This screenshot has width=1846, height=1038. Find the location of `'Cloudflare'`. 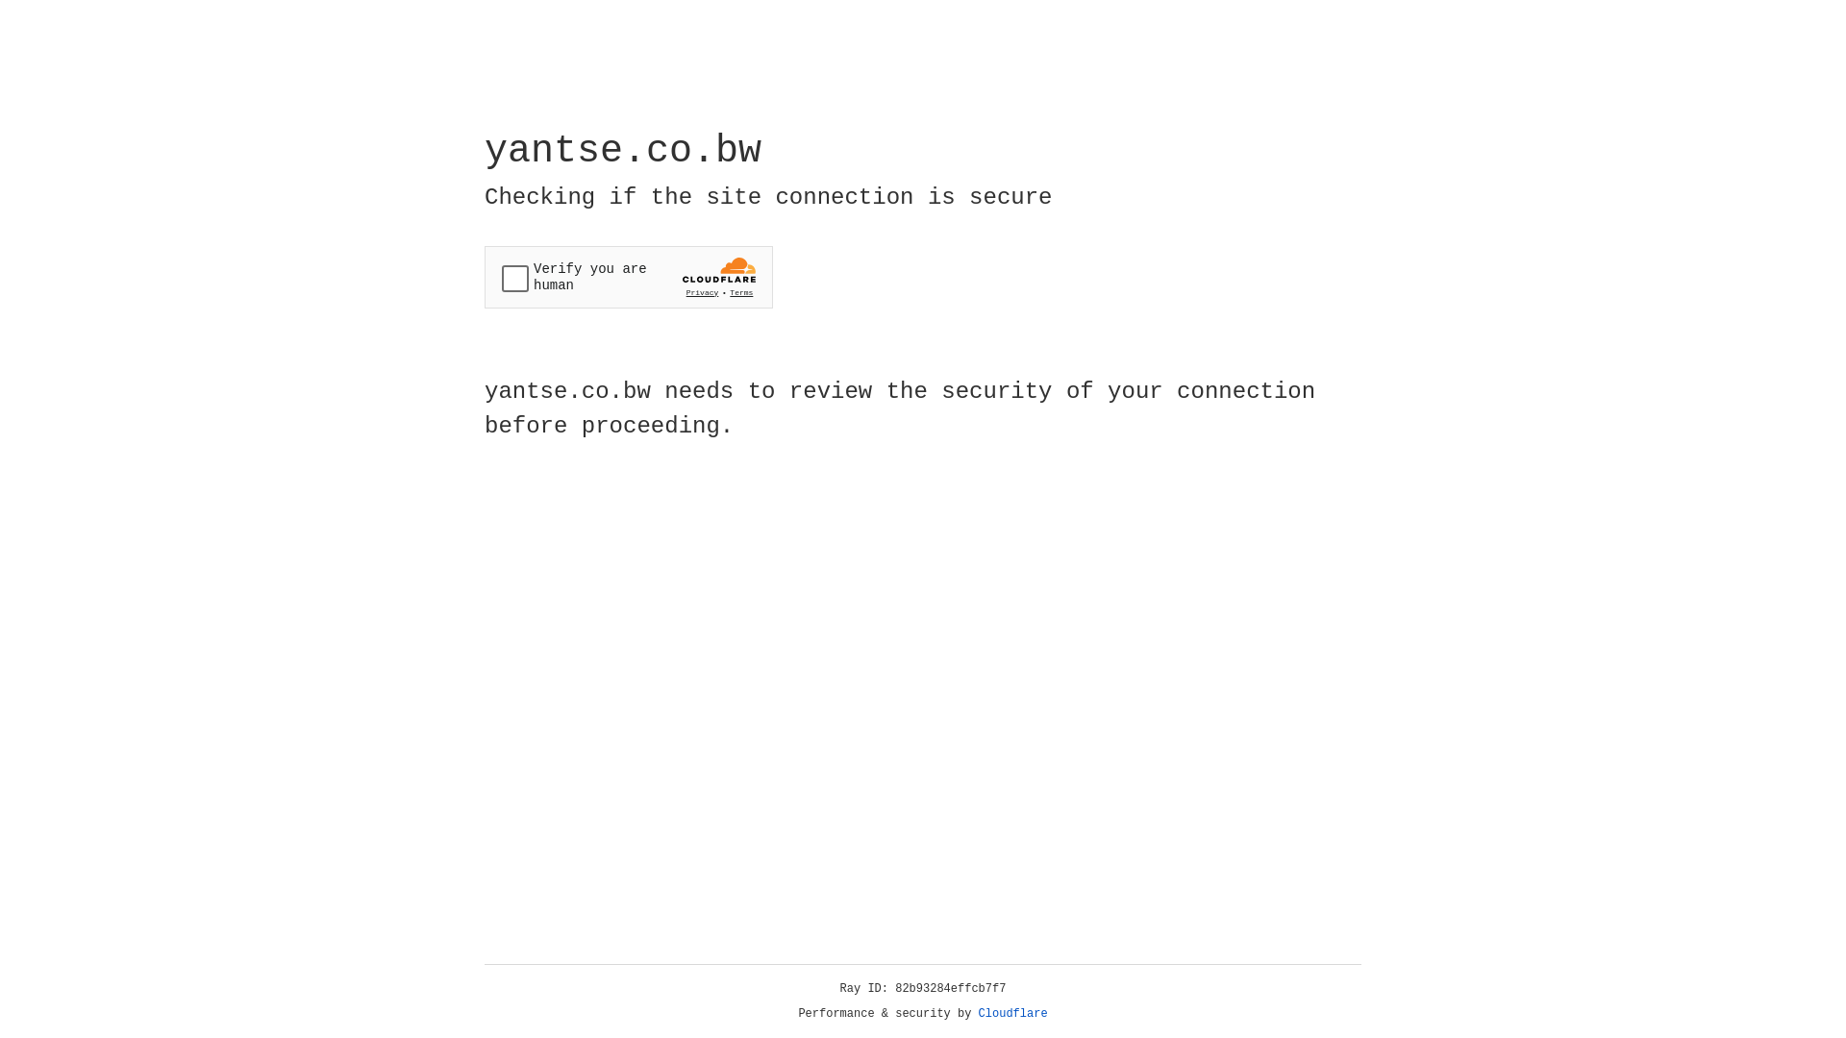

'Cloudflare' is located at coordinates (1012, 1013).